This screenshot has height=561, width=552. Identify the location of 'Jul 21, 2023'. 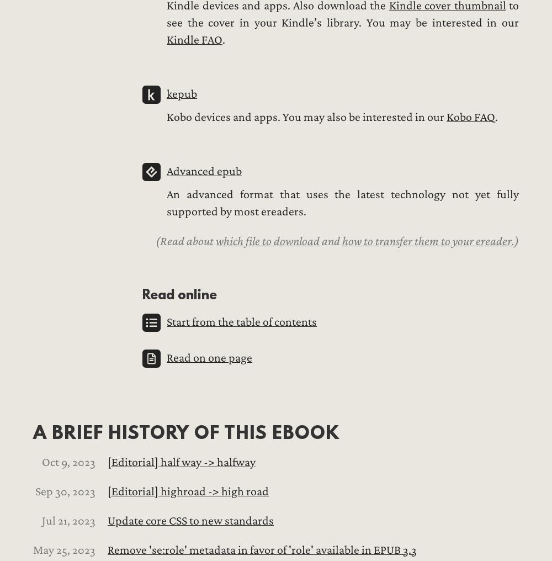
(68, 520).